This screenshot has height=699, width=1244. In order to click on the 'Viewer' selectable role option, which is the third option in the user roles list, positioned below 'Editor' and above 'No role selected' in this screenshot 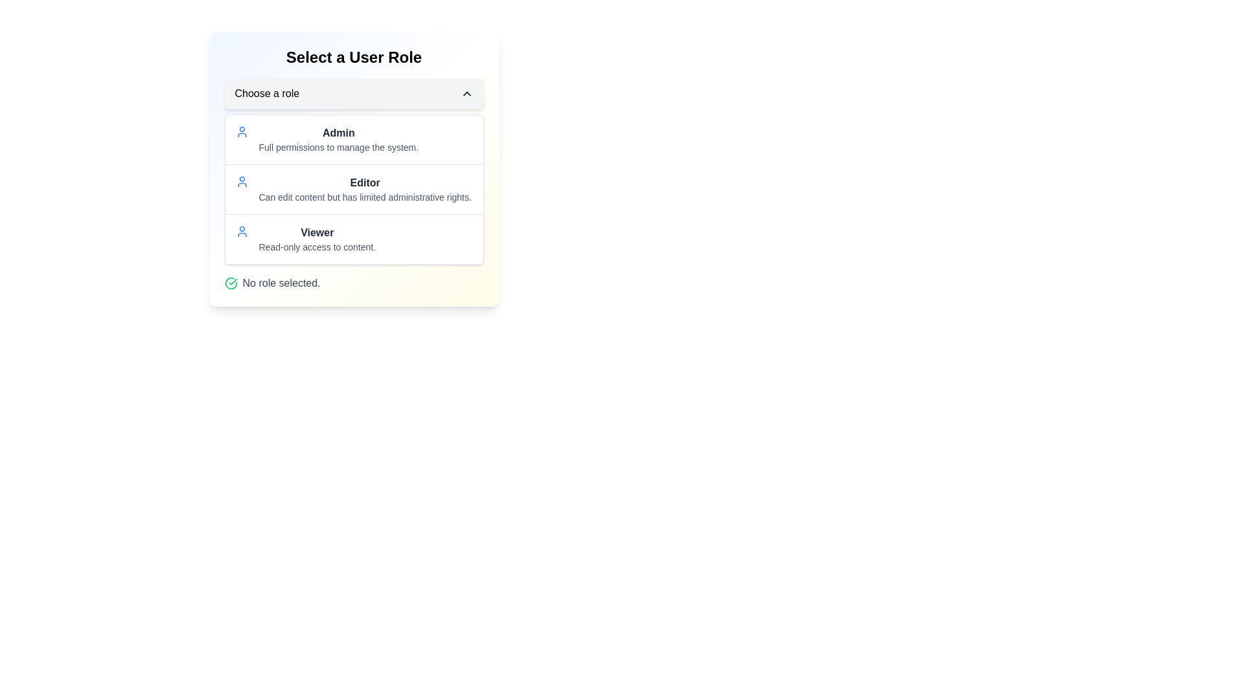, I will do `click(317, 239)`.